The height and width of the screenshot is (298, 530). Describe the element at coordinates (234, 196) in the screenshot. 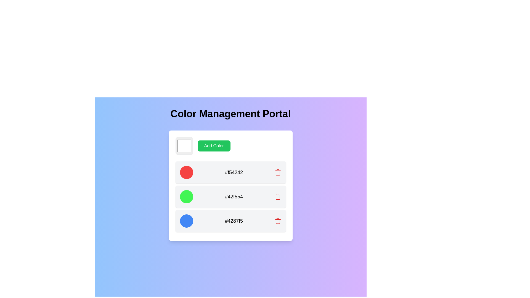

I see `the Text Label displaying the hexadecimal code of the green color in the second row of the 'Color Management Portal' table` at that location.